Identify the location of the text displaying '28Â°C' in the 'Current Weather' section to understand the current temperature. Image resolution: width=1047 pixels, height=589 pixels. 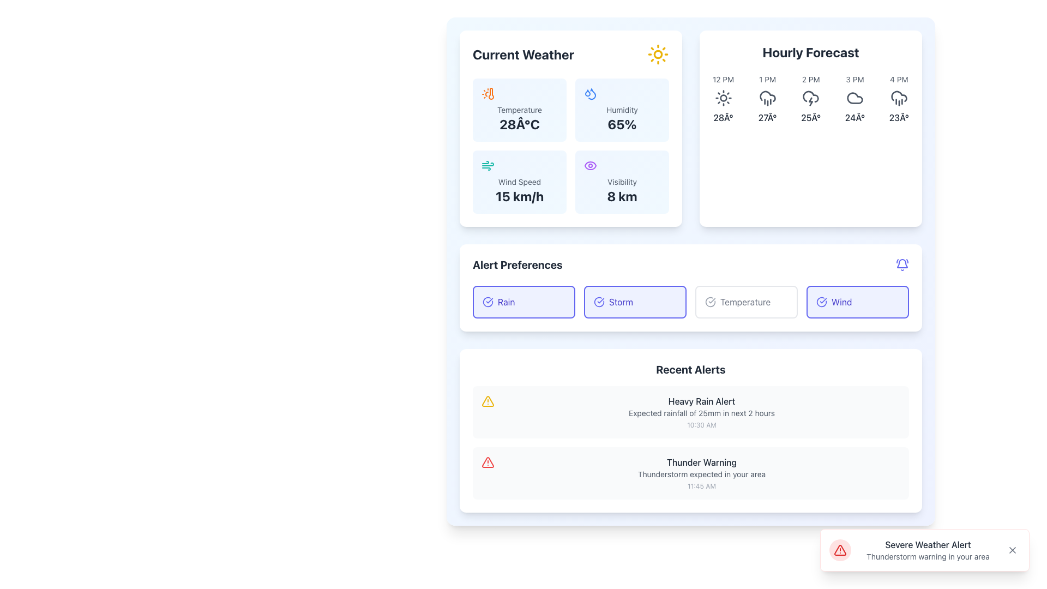
(519, 123).